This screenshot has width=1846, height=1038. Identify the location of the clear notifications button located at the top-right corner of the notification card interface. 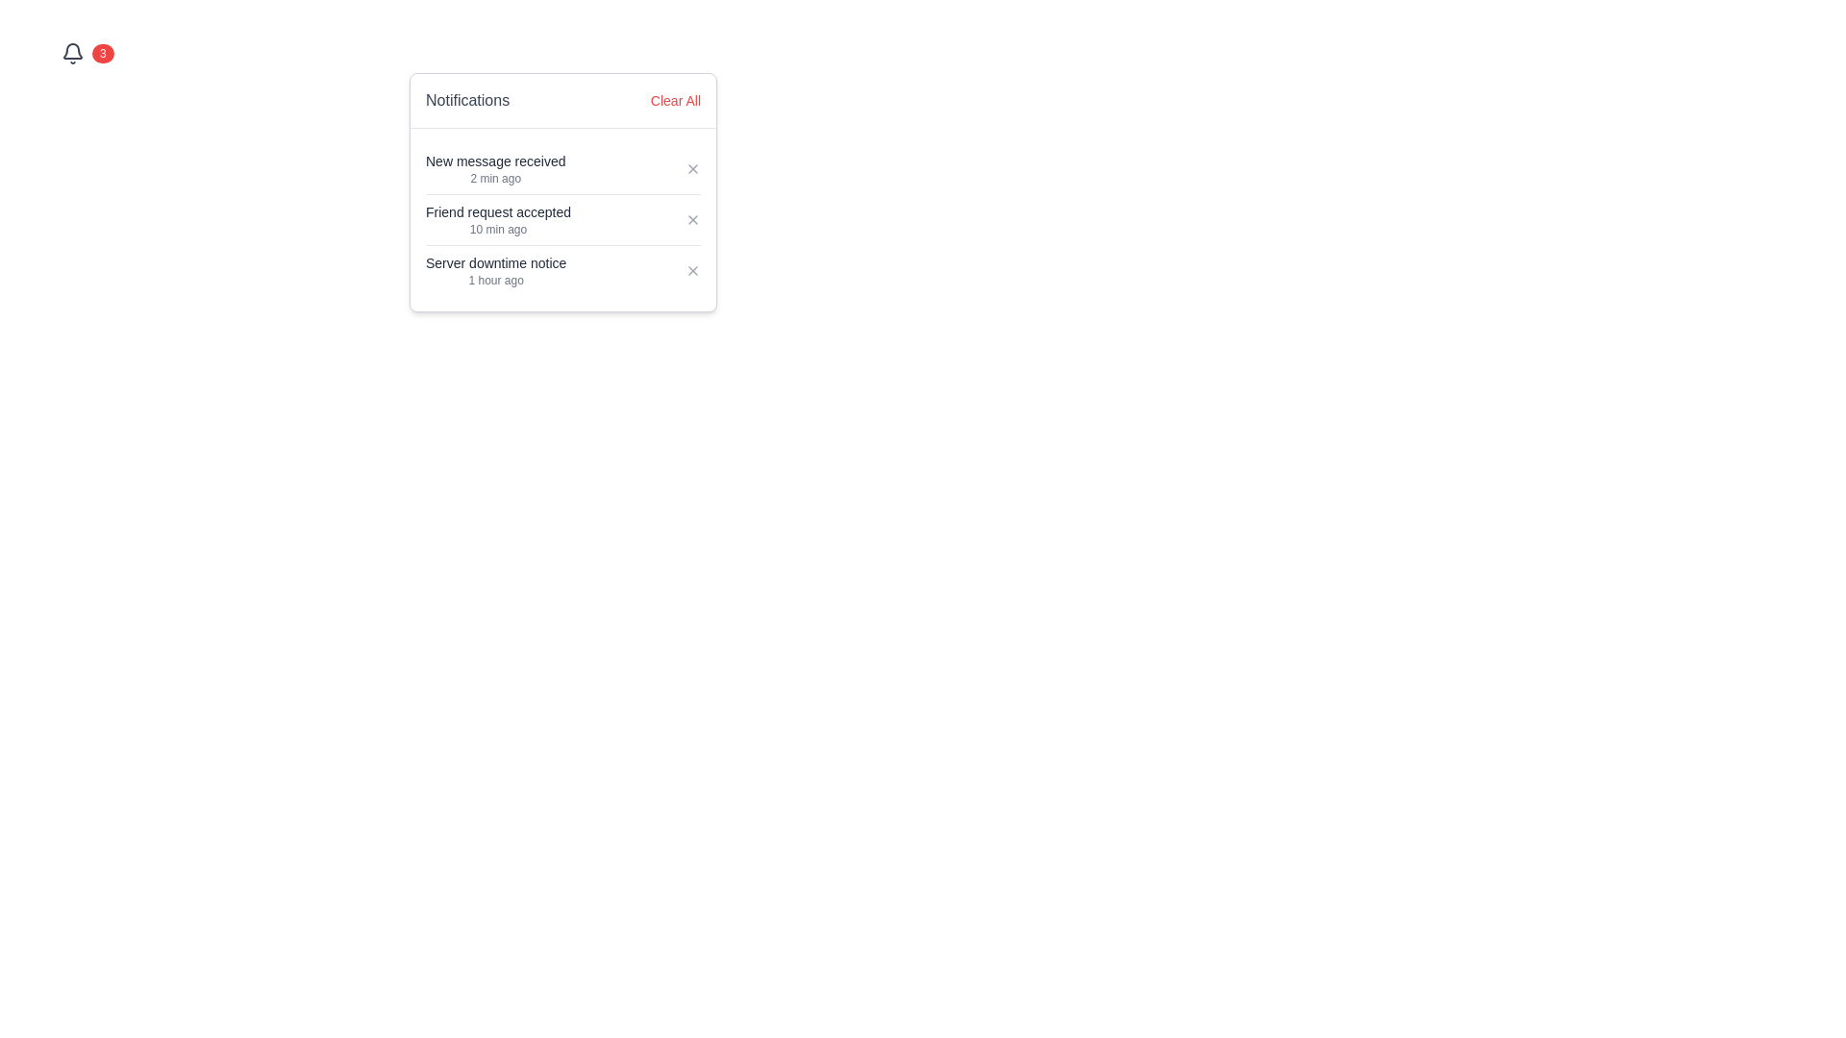
(675, 100).